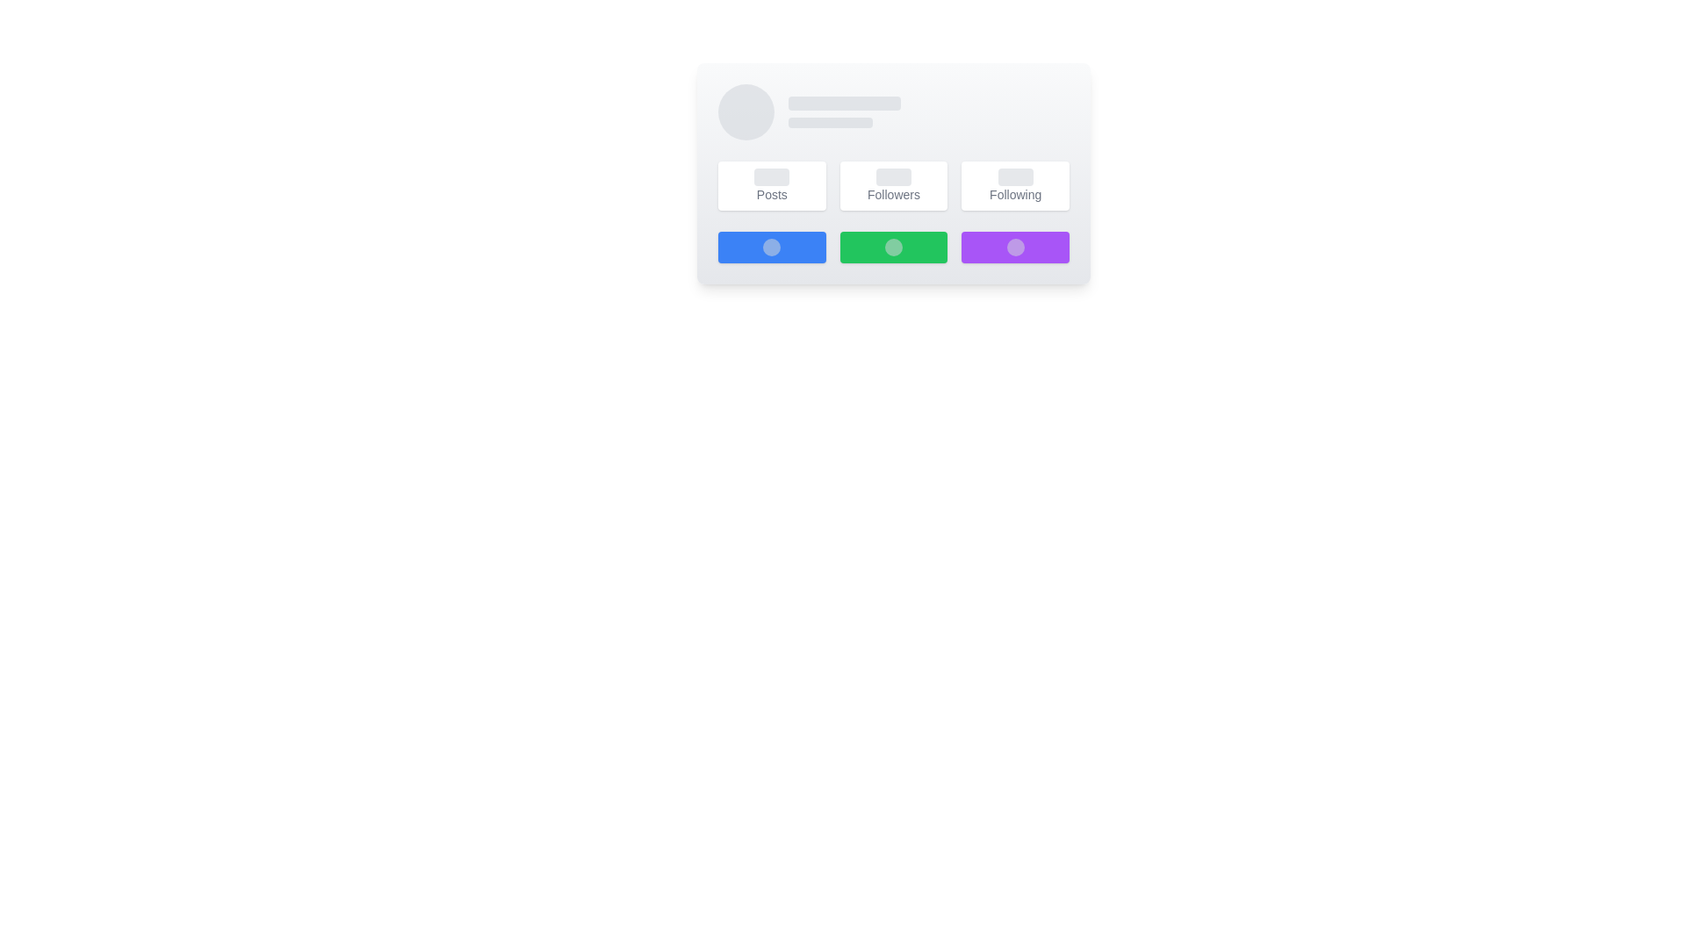 The image size is (1686, 948). What do you see at coordinates (772, 195) in the screenshot?
I see `the 'Posts' text label, which is styled in a small gray font and positioned centrally inside the first white card in the top row, below a placeholder rectangular shape` at bounding box center [772, 195].